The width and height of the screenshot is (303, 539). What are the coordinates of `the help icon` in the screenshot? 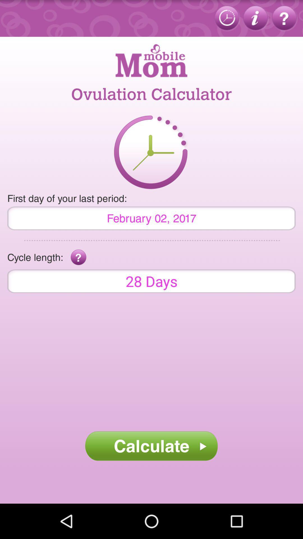 It's located at (79, 276).